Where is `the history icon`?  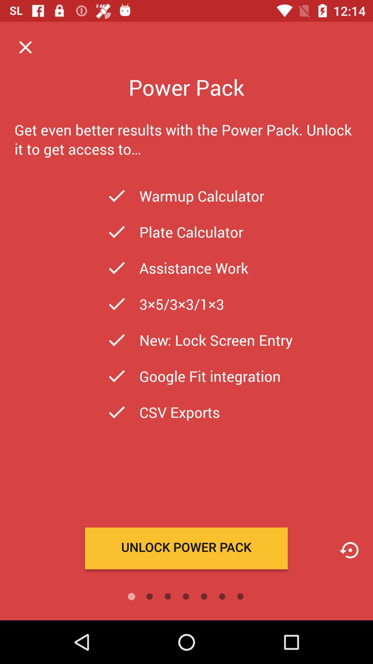
the history icon is located at coordinates (349, 550).